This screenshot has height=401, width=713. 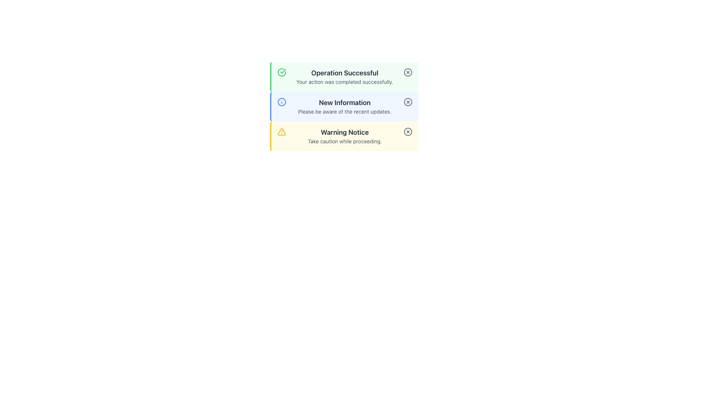 What do you see at coordinates (407, 102) in the screenshot?
I see `the circular graphic of the close button in the top-right corner of the 'New Information' notification block` at bounding box center [407, 102].